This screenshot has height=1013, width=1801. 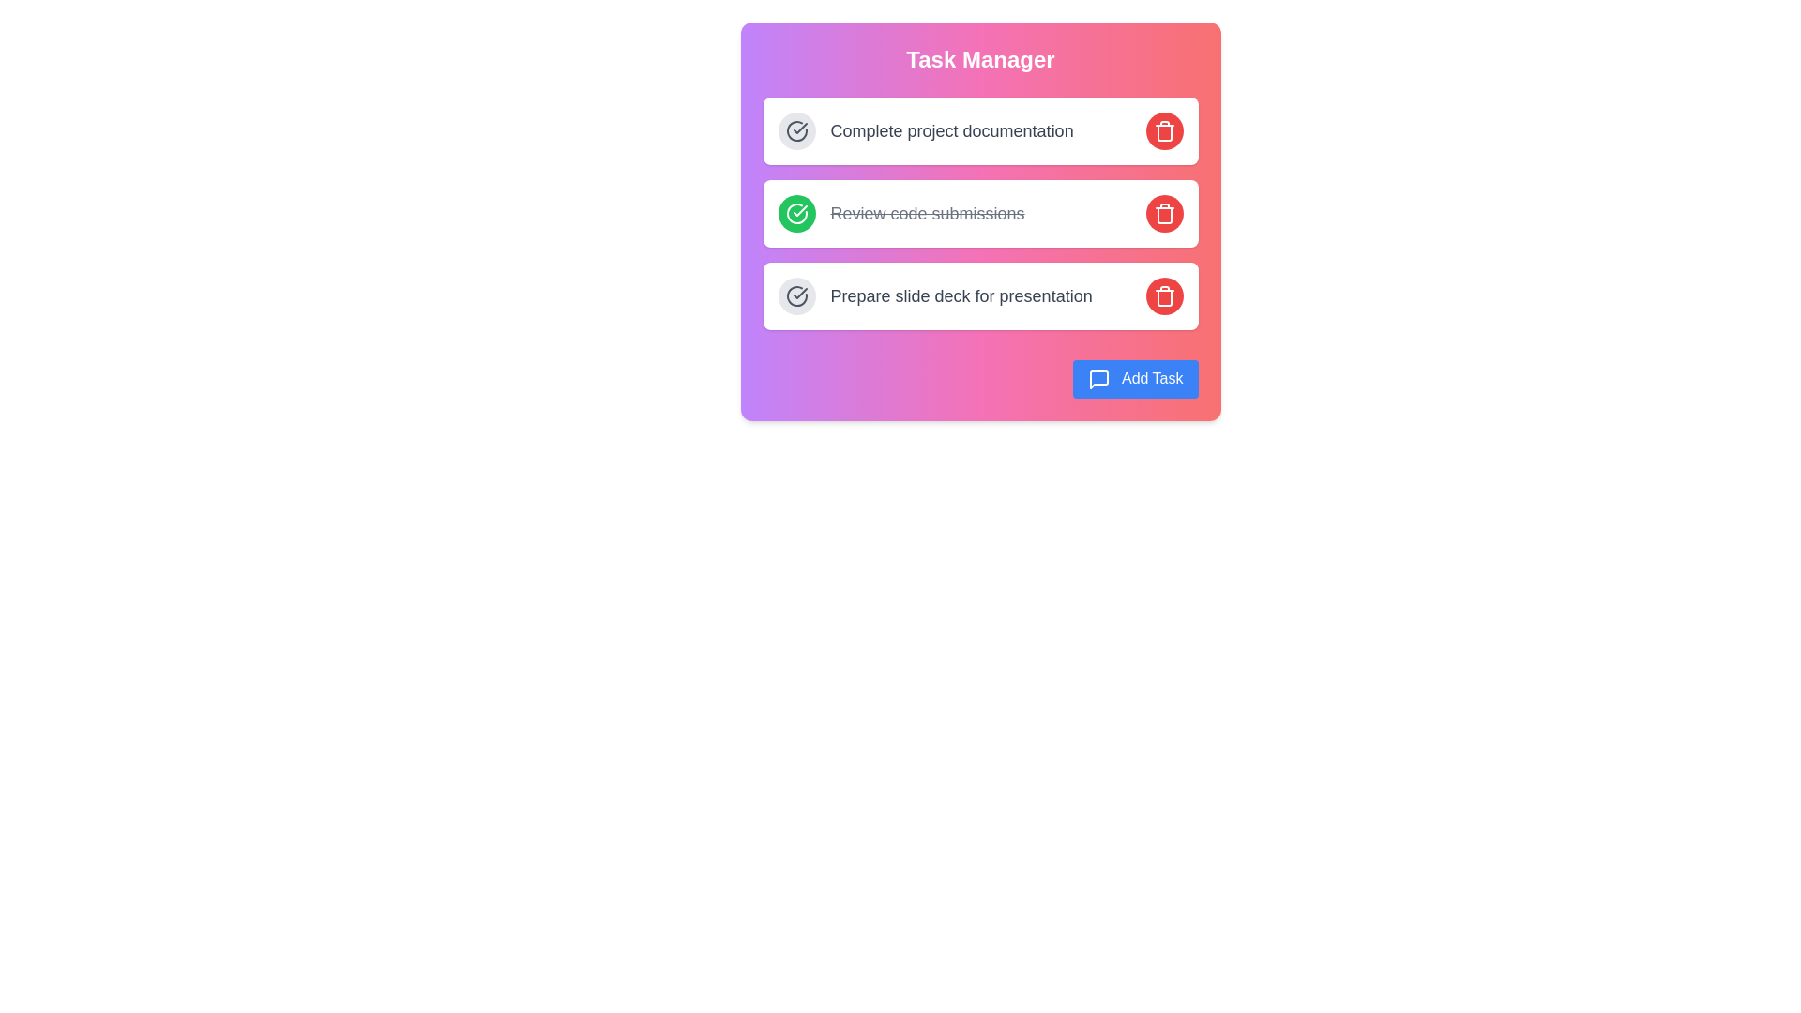 What do you see at coordinates (800, 128) in the screenshot?
I see `the success icon located in the second task entry of the task manager list` at bounding box center [800, 128].